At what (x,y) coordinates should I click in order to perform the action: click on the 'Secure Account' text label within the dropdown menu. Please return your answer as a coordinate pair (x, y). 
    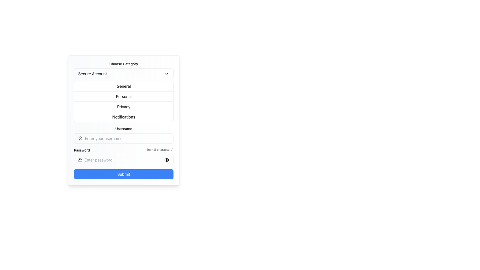
    Looking at the image, I should click on (92, 73).